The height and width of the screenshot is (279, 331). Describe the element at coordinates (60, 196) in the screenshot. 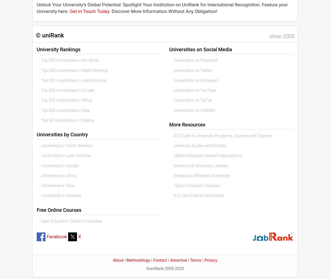

I see `'Universities in Oceania'` at that location.